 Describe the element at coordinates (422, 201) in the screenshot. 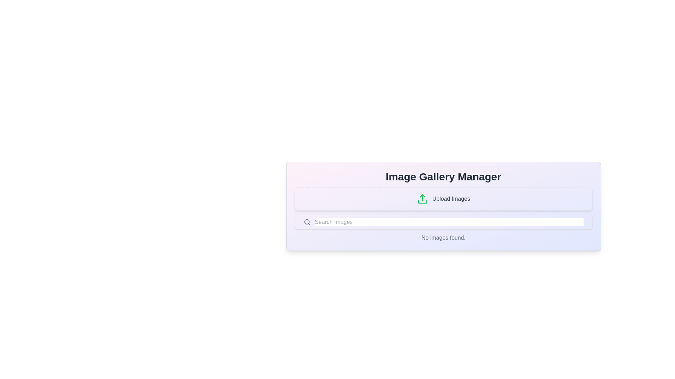

I see `the stylized part of the upload icon located just below the 'Image Gallery Manager' heading` at that location.